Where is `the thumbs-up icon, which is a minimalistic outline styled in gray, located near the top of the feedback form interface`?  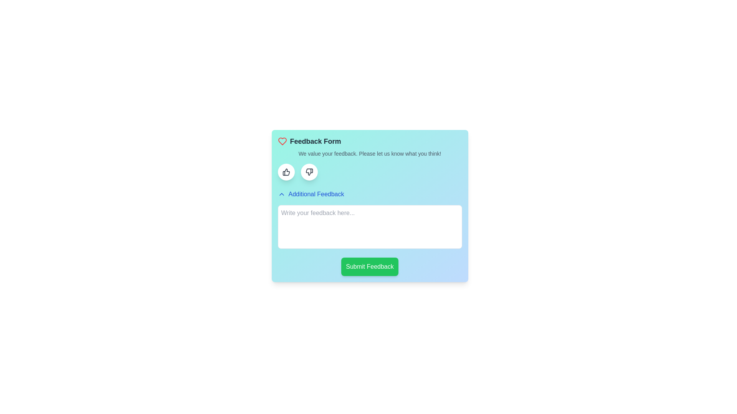 the thumbs-up icon, which is a minimalistic outline styled in gray, located near the top of the feedback form interface is located at coordinates (285, 171).